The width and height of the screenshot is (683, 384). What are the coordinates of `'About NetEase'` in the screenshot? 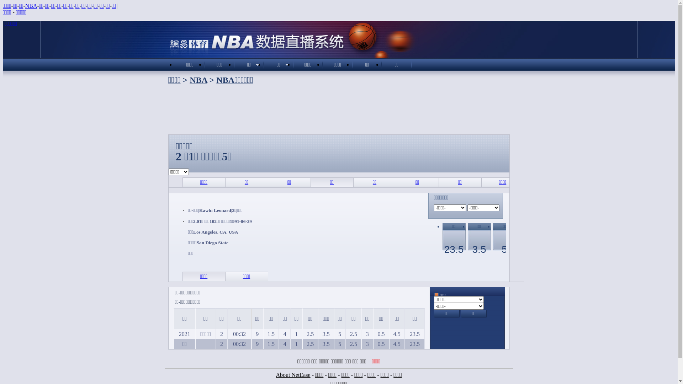 It's located at (293, 374).